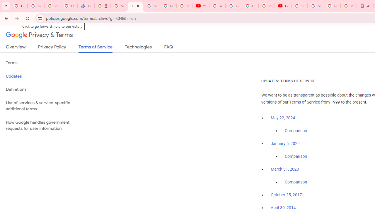 Image resolution: width=375 pixels, height=210 pixels. Describe the element at coordinates (44, 106) in the screenshot. I see `'List of services & service-specific additional terms'` at that location.